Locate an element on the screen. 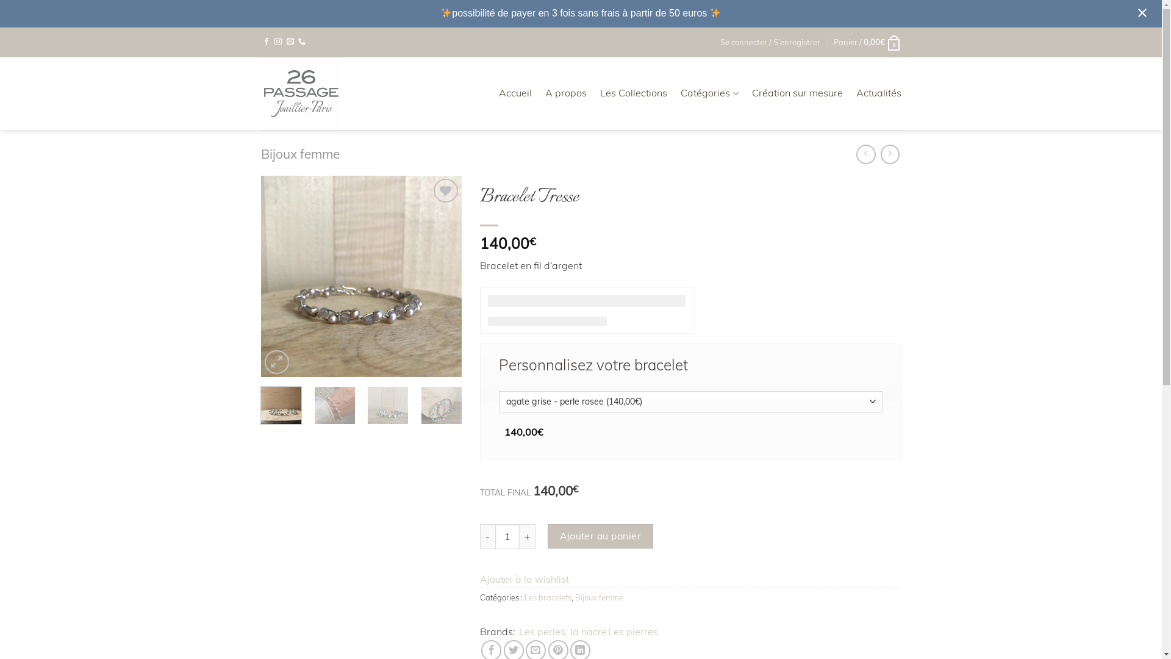 The width and height of the screenshot is (1171, 659). 'Qty' is located at coordinates (507, 536).